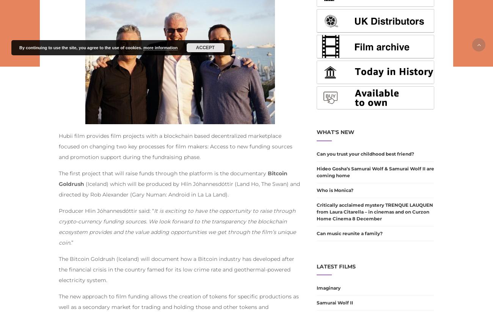 This screenshot has height=312, width=493. Describe the element at coordinates (163, 173) in the screenshot. I see `'The first project that will raise funds through the platform is the documentary'` at that location.